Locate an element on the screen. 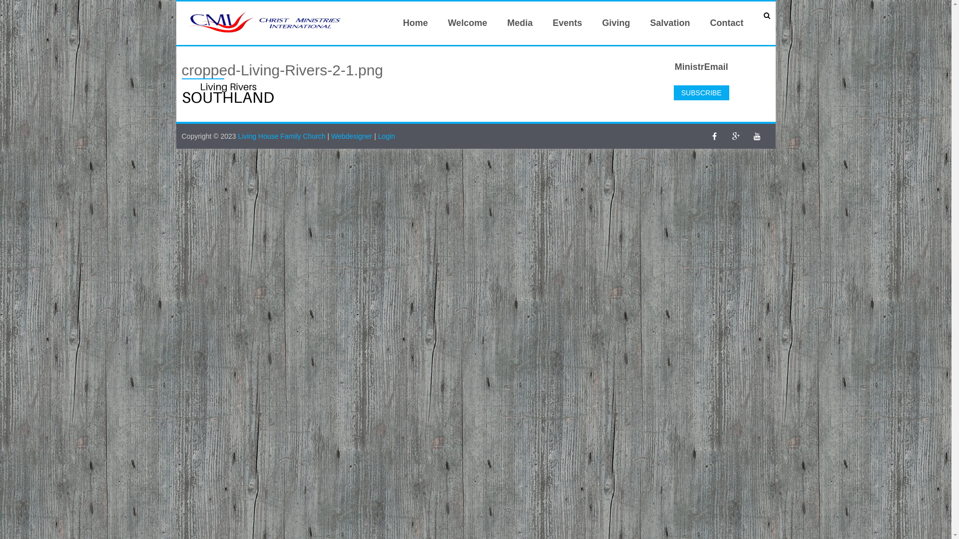 The image size is (959, 539). 'Living House Family Church' is located at coordinates (282, 136).